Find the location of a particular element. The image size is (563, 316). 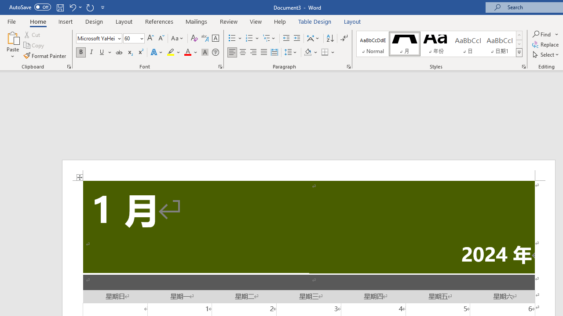

'Customize Quick Access Toolbar' is located at coordinates (103, 7).